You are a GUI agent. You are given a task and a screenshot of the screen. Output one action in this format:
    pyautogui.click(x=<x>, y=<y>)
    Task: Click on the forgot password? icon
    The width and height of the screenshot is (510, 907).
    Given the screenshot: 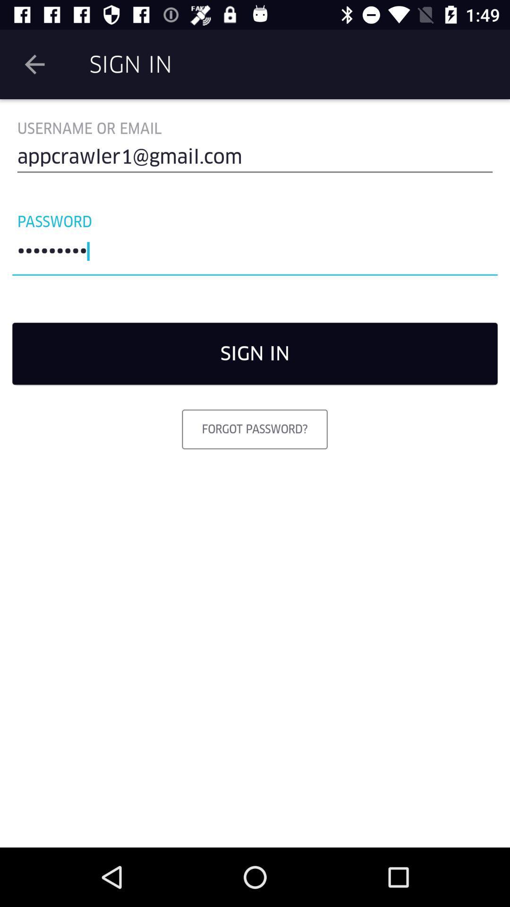 What is the action you would take?
    pyautogui.click(x=254, y=428)
    